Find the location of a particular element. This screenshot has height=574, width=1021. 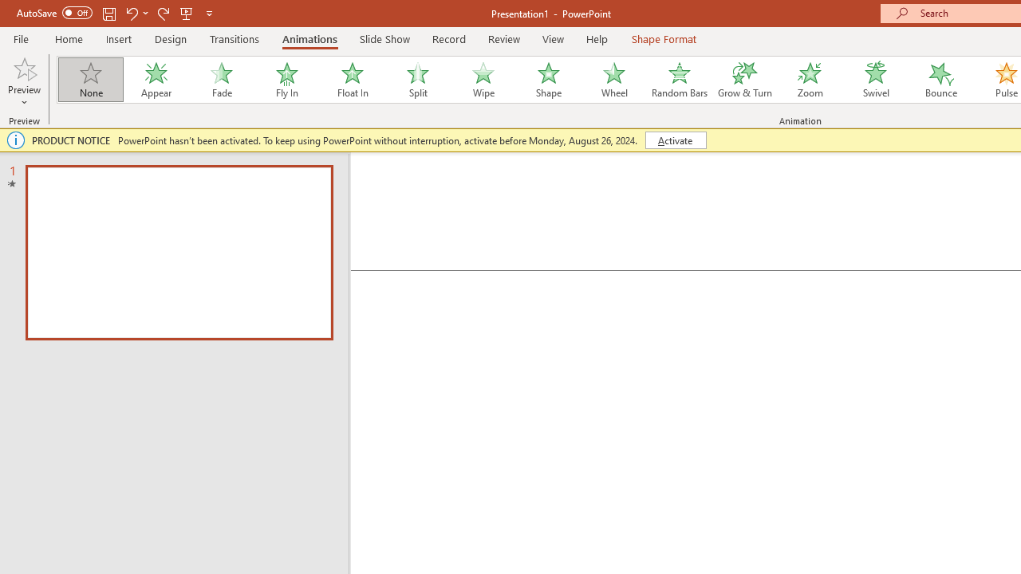

'Fade' is located at coordinates (220, 80).